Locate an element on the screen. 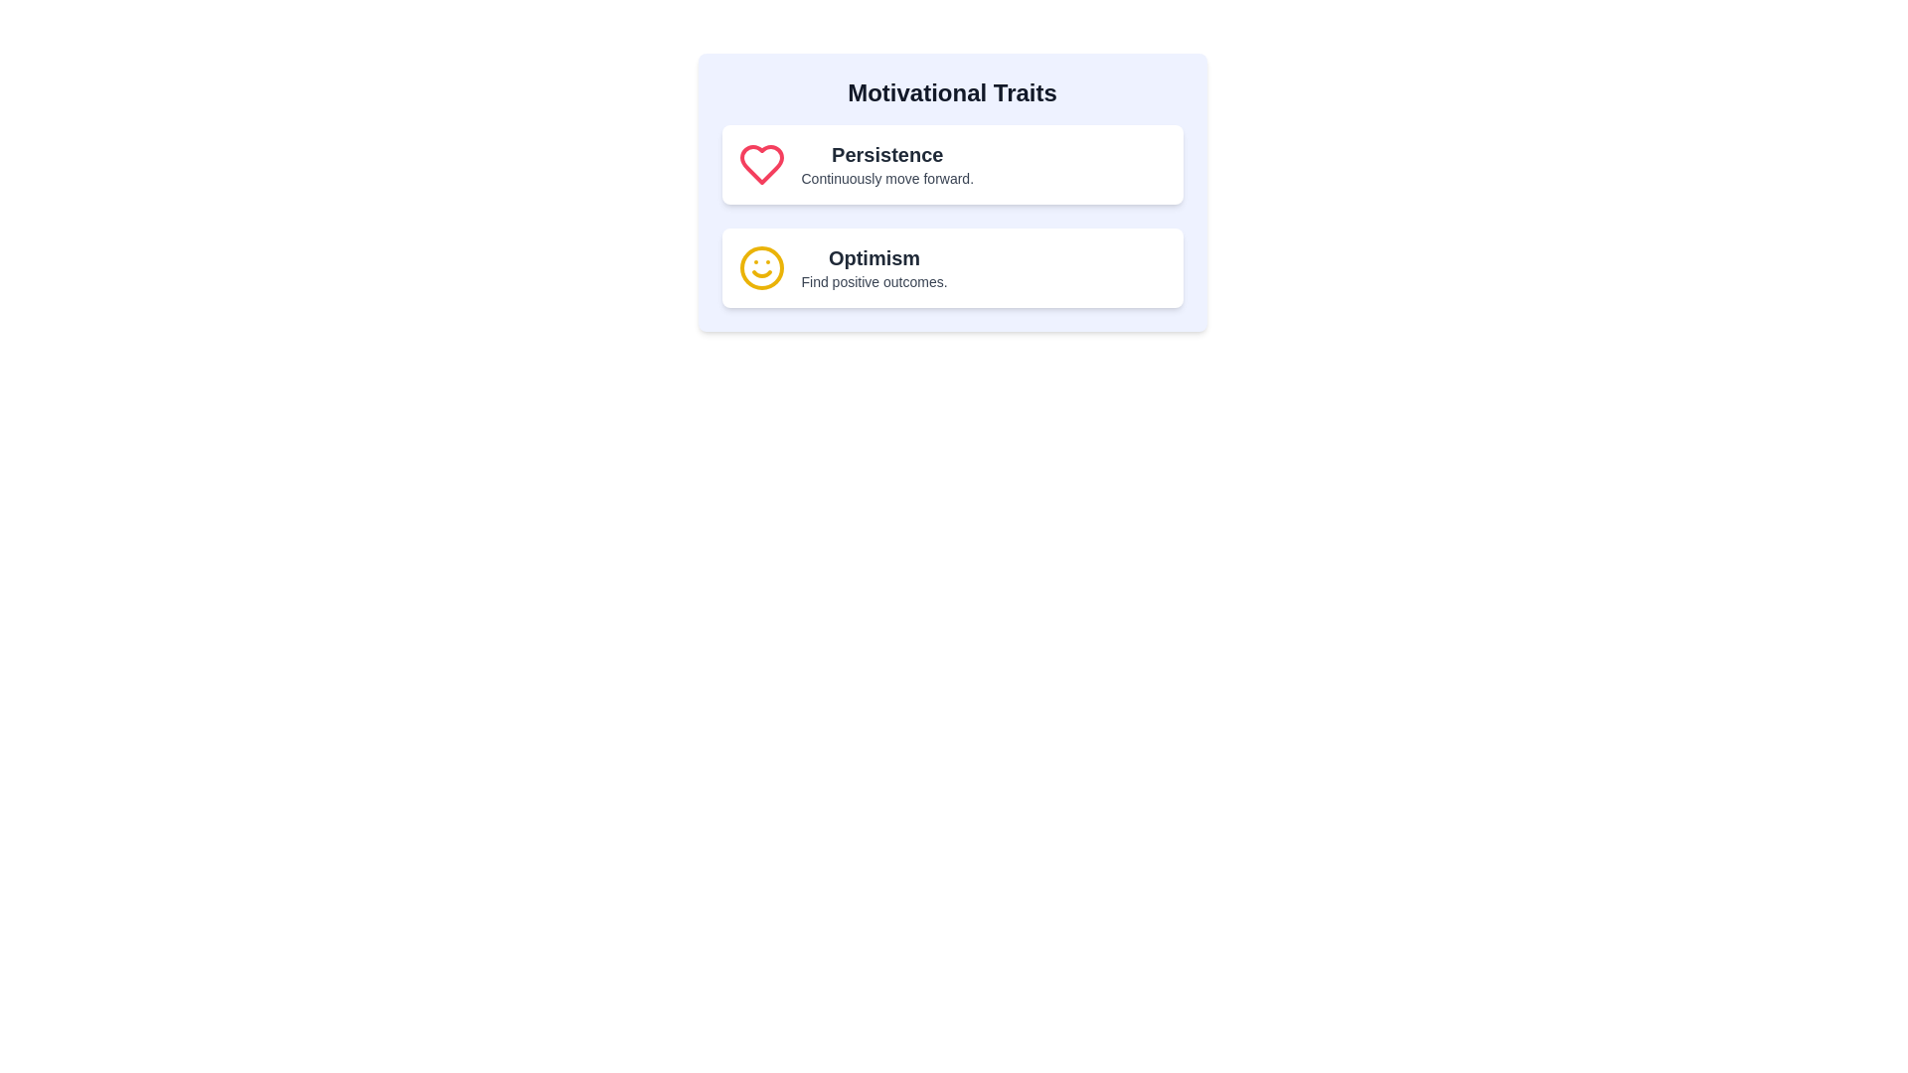  the descriptive text label that provides additional information about the 'Persistence' trait, located directly under the header 'Persistence' within the first card is located at coordinates (886, 179).